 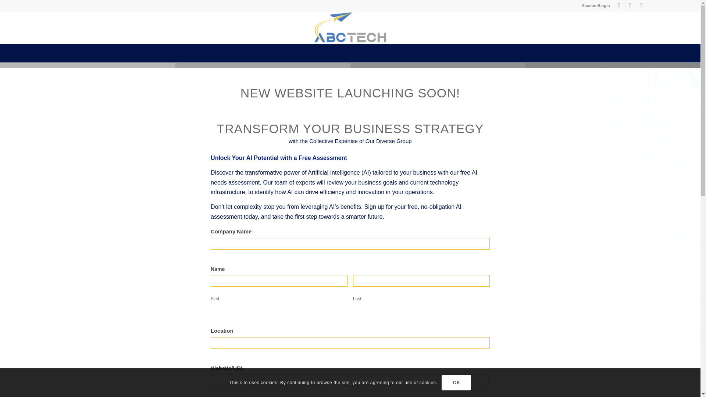 I want to click on 'Facebook', so click(x=630, y=6).